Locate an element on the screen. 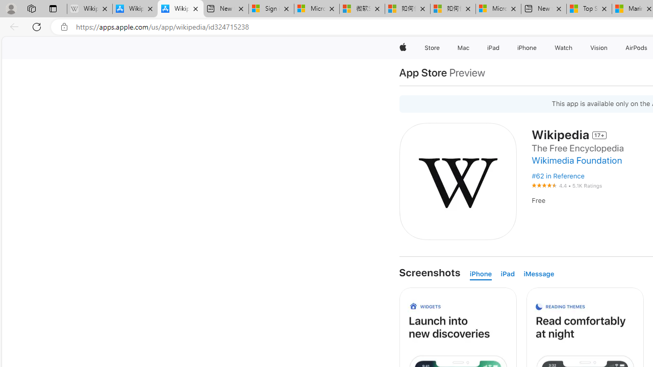 Image resolution: width=653 pixels, height=367 pixels. 'iPad' is located at coordinates (507, 274).